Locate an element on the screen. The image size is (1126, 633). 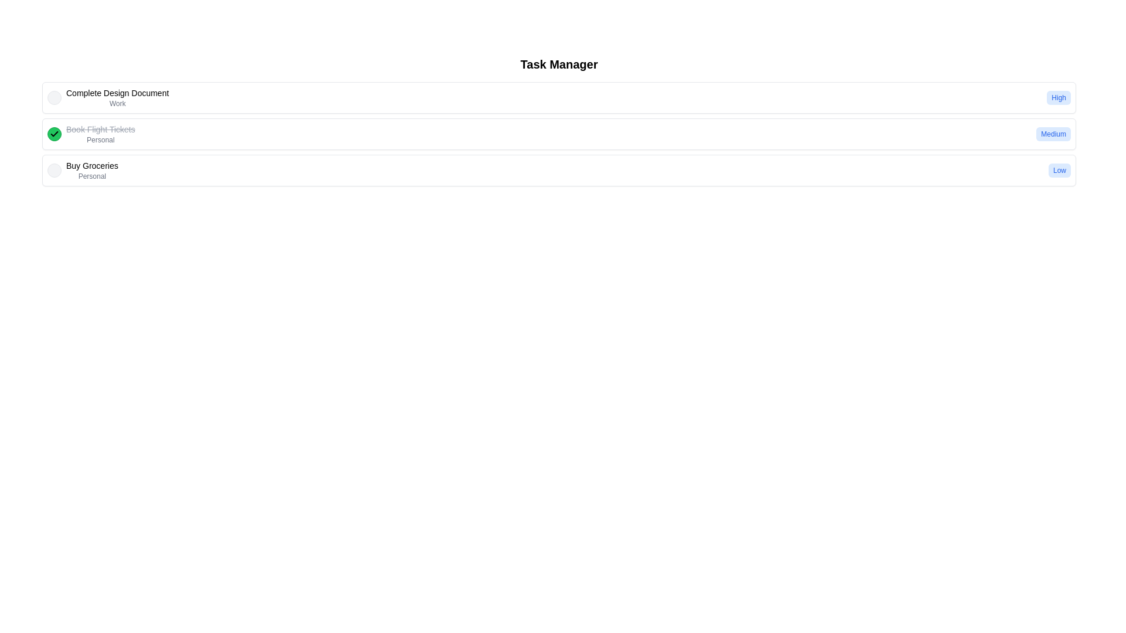
the priority indicator label that denotes the task's priority level as 'Medium', located in the second row of the task list, to the right of the task description for 'Book Flight Tickets' is located at coordinates (1053, 133).